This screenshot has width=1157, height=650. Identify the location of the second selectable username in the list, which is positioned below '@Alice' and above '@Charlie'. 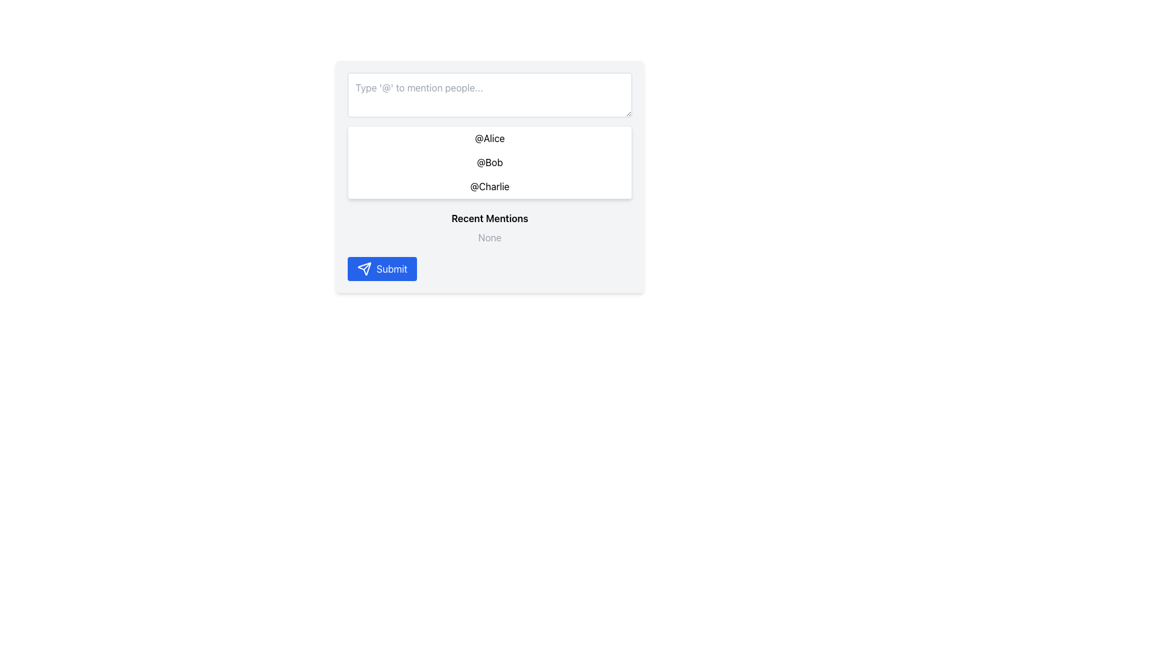
(489, 162).